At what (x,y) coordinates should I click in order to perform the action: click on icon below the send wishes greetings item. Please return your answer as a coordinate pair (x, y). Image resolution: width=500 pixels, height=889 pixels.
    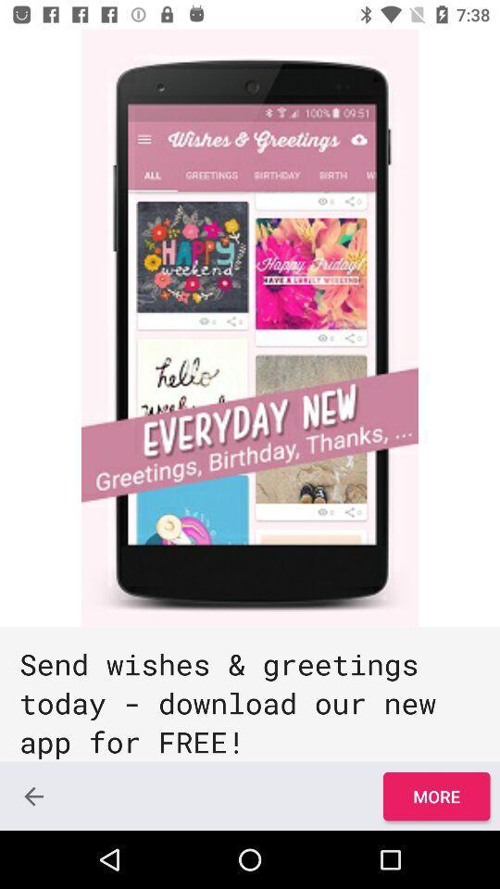
    Looking at the image, I should click on (33, 795).